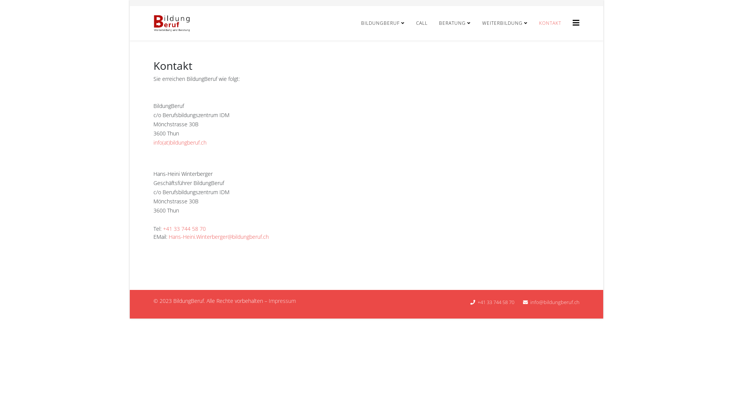 This screenshot has width=733, height=412. What do you see at coordinates (282, 300) in the screenshot?
I see `'Impressum'` at bounding box center [282, 300].